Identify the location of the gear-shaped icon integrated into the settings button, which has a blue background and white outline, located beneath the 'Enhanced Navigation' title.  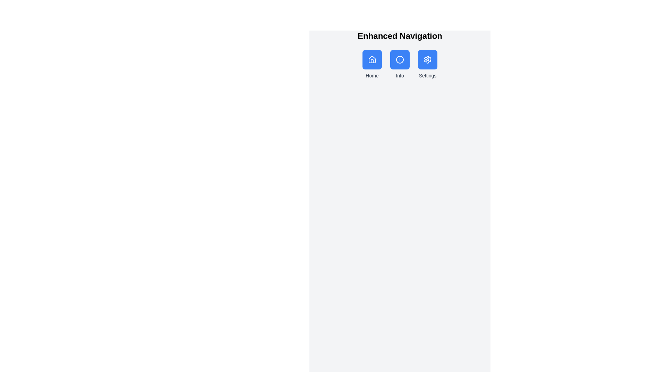
(427, 59).